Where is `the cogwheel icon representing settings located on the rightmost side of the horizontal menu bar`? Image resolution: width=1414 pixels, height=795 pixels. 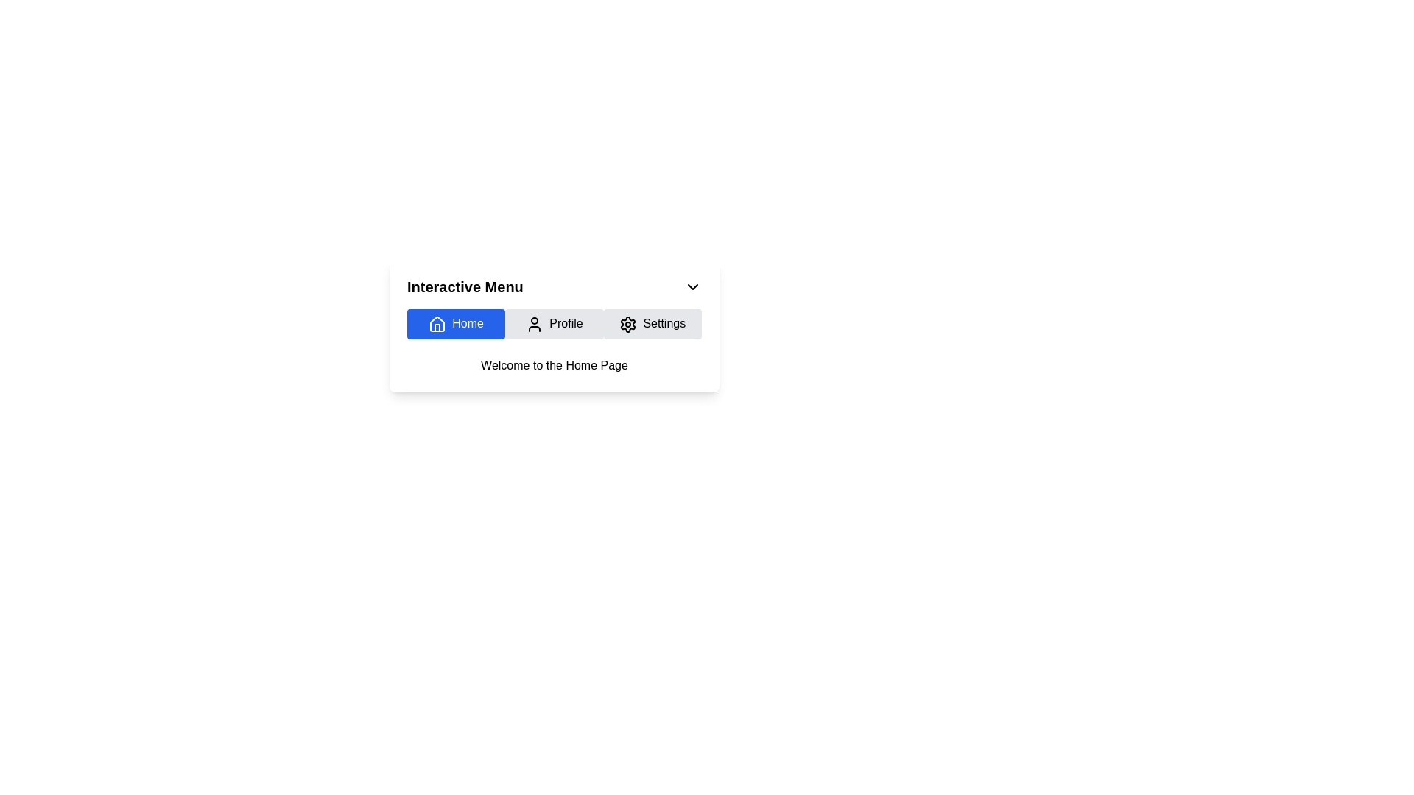 the cogwheel icon representing settings located on the rightmost side of the horizontal menu bar is located at coordinates (628, 323).